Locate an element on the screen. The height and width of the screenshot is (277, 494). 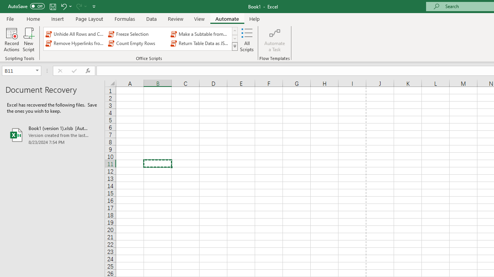
'Automate a Task' is located at coordinates (275, 40).